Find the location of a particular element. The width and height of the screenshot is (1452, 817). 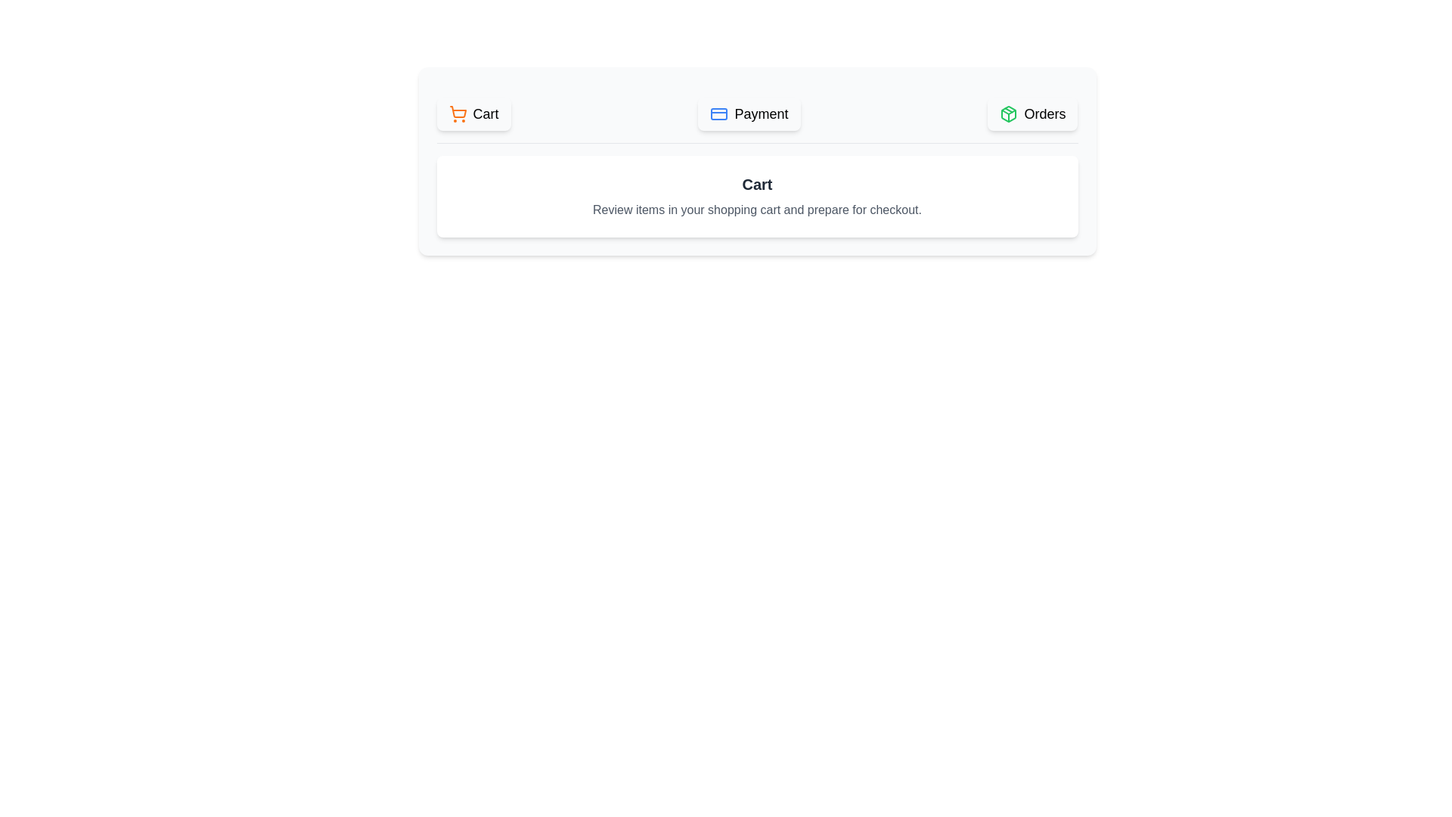

the Payment tab to activate it is located at coordinates (749, 113).